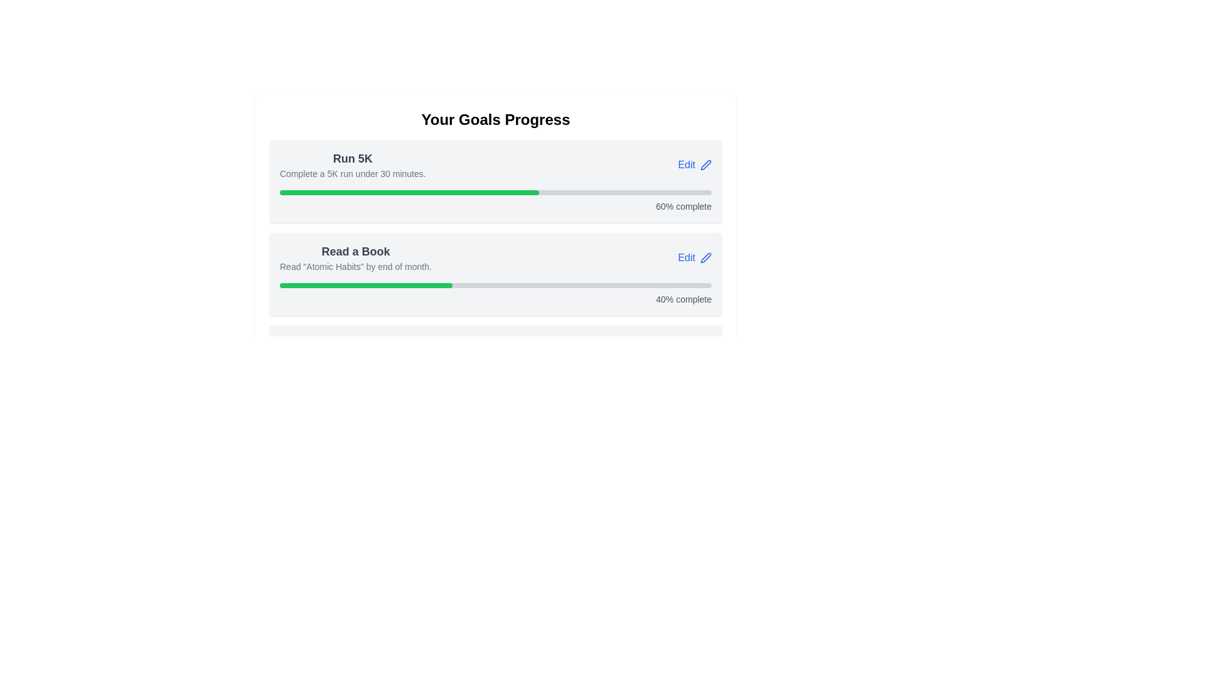 This screenshot has width=1205, height=678. Describe the element at coordinates (694, 164) in the screenshot. I see `the edit button for the 'Run 5K' goal located in the top-right corner of the goal card` at that location.